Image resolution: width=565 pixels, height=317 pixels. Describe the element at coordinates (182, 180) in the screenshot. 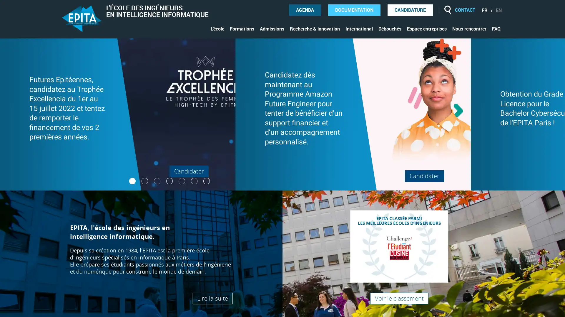

I see `5` at that location.